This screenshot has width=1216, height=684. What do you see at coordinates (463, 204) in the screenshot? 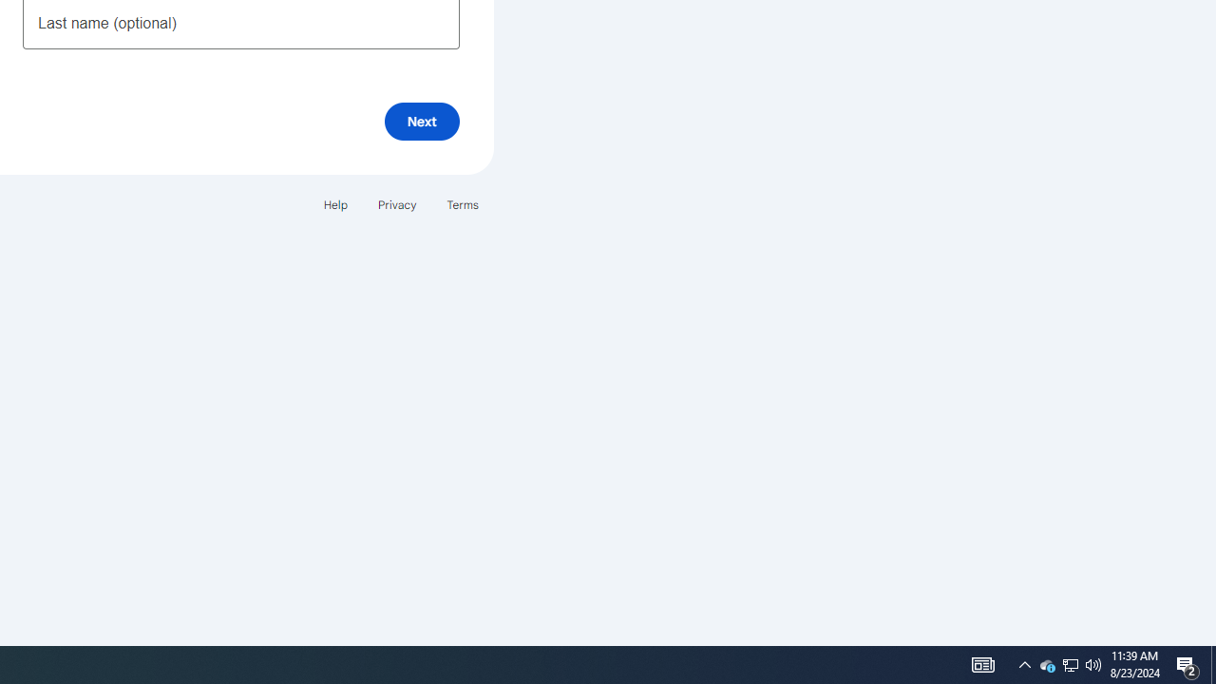
I see `'Terms'` at bounding box center [463, 204].